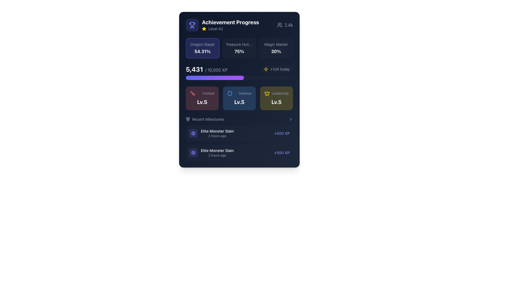  Describe the element at coordinates (192, 24) in the screenshot. I see `the achievement icon located in the 'Achievement Progress' section, adjacent to the 'Level 42' text` at that location.